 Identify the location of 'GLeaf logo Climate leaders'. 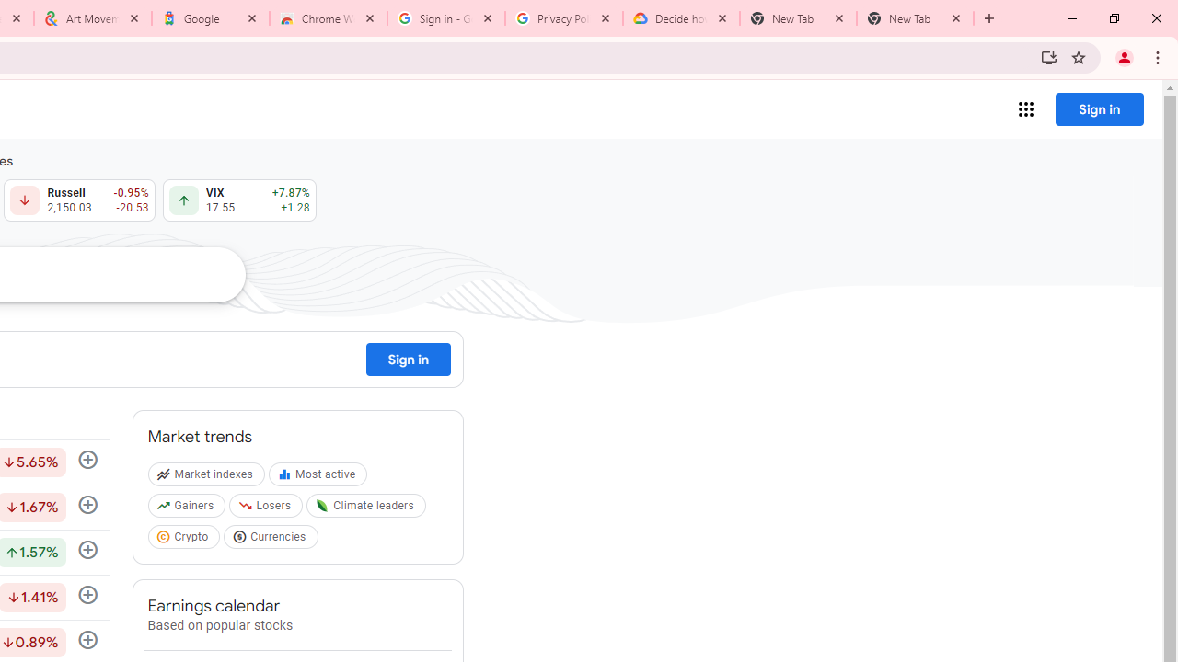
(368, 509).